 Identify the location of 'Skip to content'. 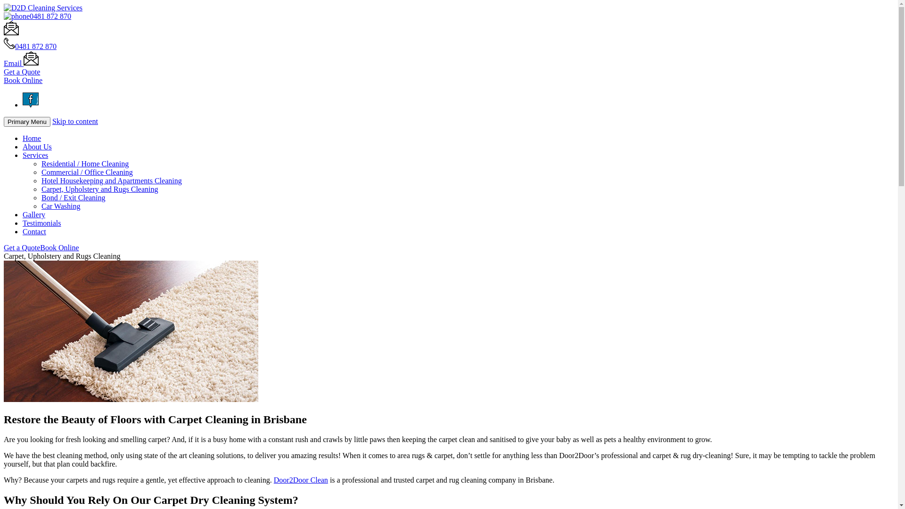
(74, 121).